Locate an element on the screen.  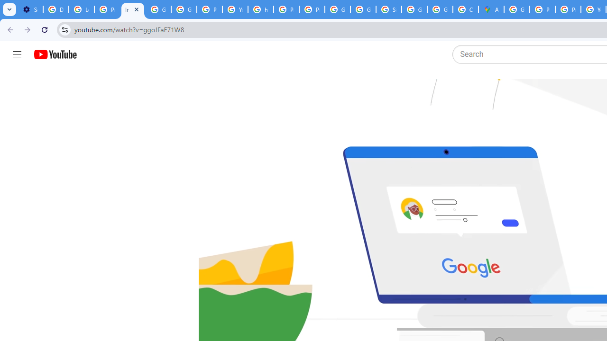
'Guide' is located at coordinates (17, 54).